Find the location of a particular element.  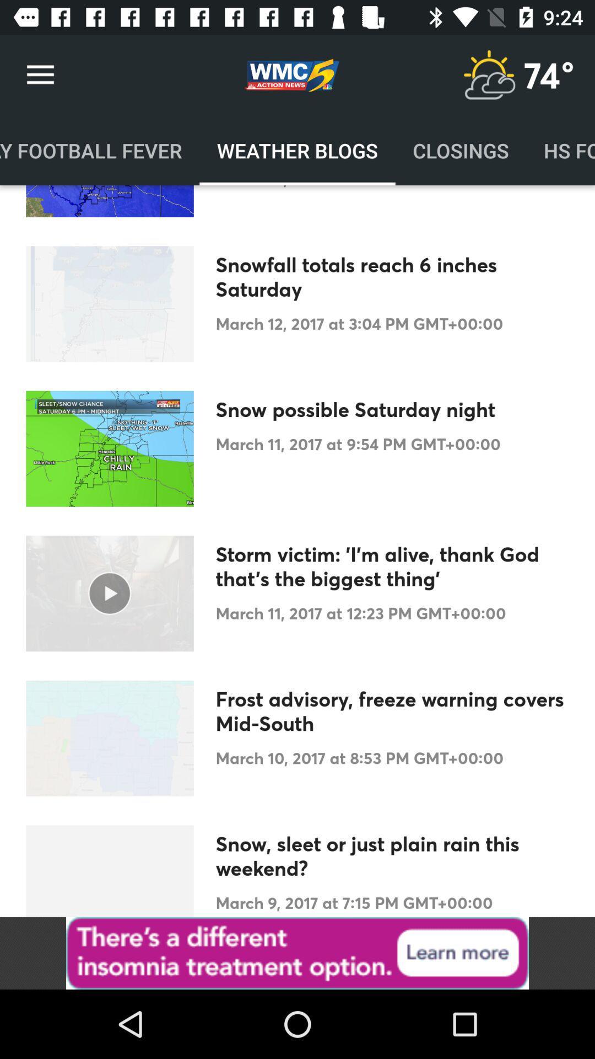

banner advertisement is located at coordinates (297, 953).